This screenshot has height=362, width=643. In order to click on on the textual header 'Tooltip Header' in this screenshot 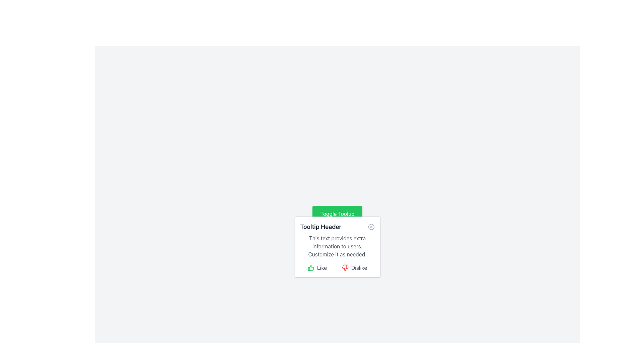, I will do `click(320, 227)`.